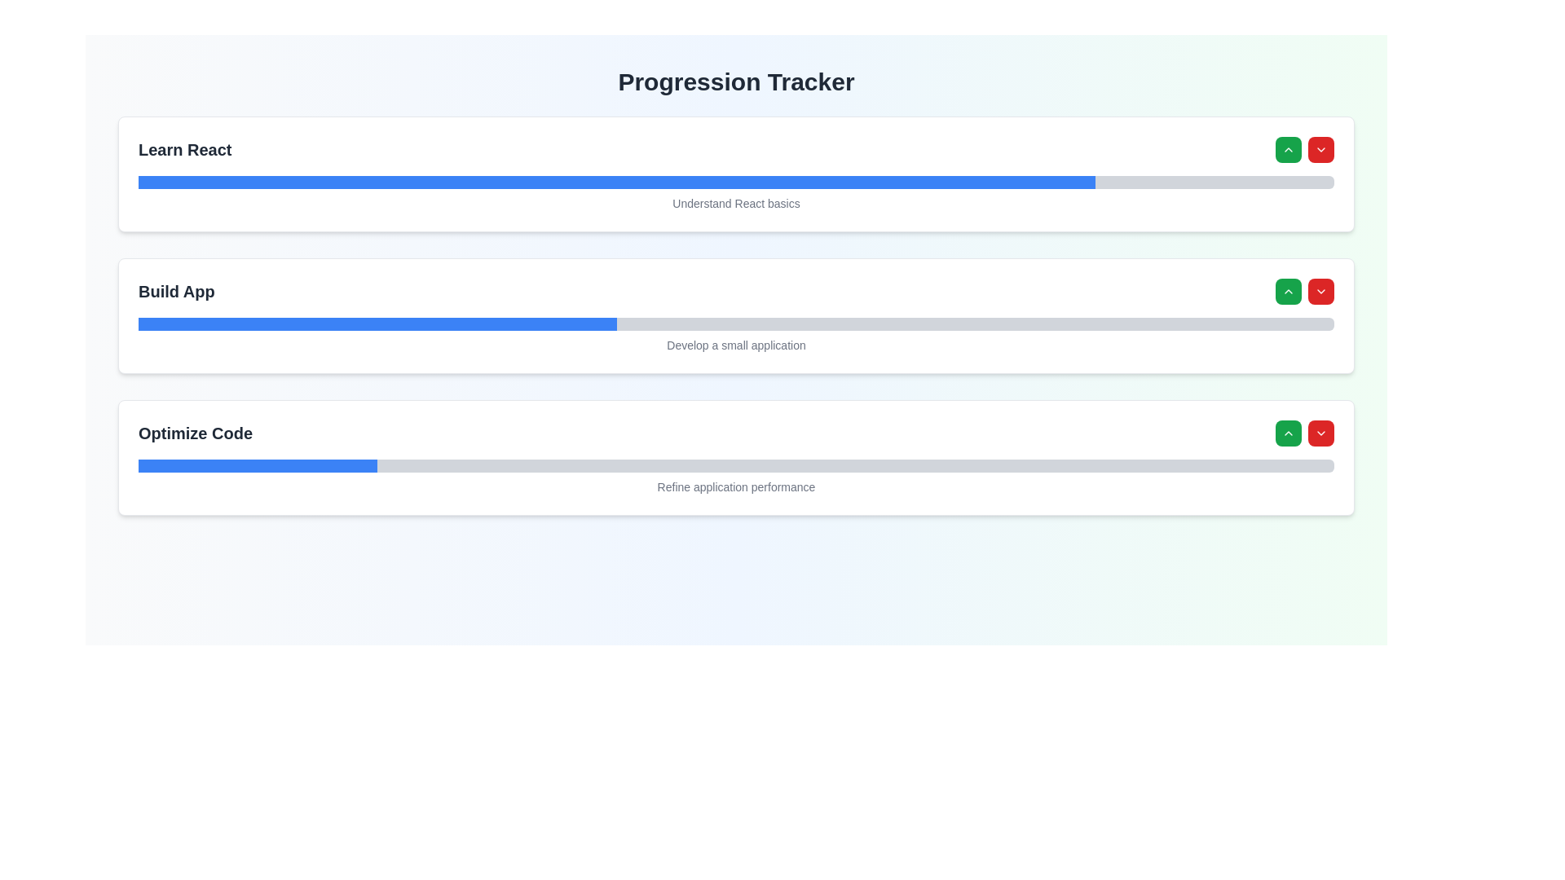 This screenshot has width=1565, height=880. I want to click on the Text label located below the progress bar in the 'Optimize Code' section of the application, which provides additional context about the progress being tracked, so click(735, 483).